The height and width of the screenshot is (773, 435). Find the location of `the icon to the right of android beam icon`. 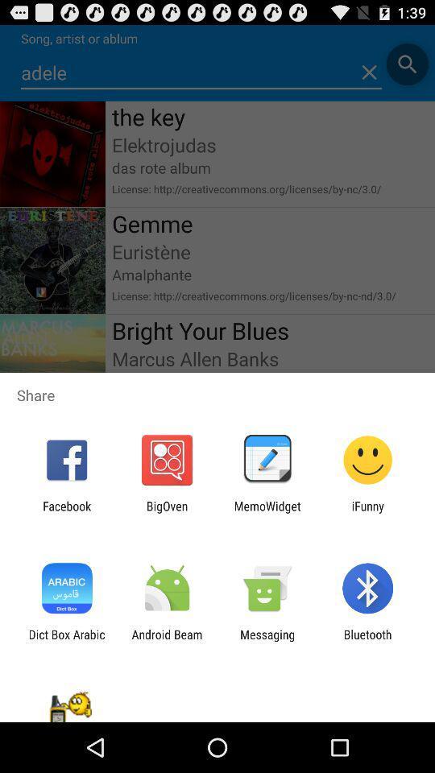

the icon to the right of android beam icon is located at coordinates (267, 641).